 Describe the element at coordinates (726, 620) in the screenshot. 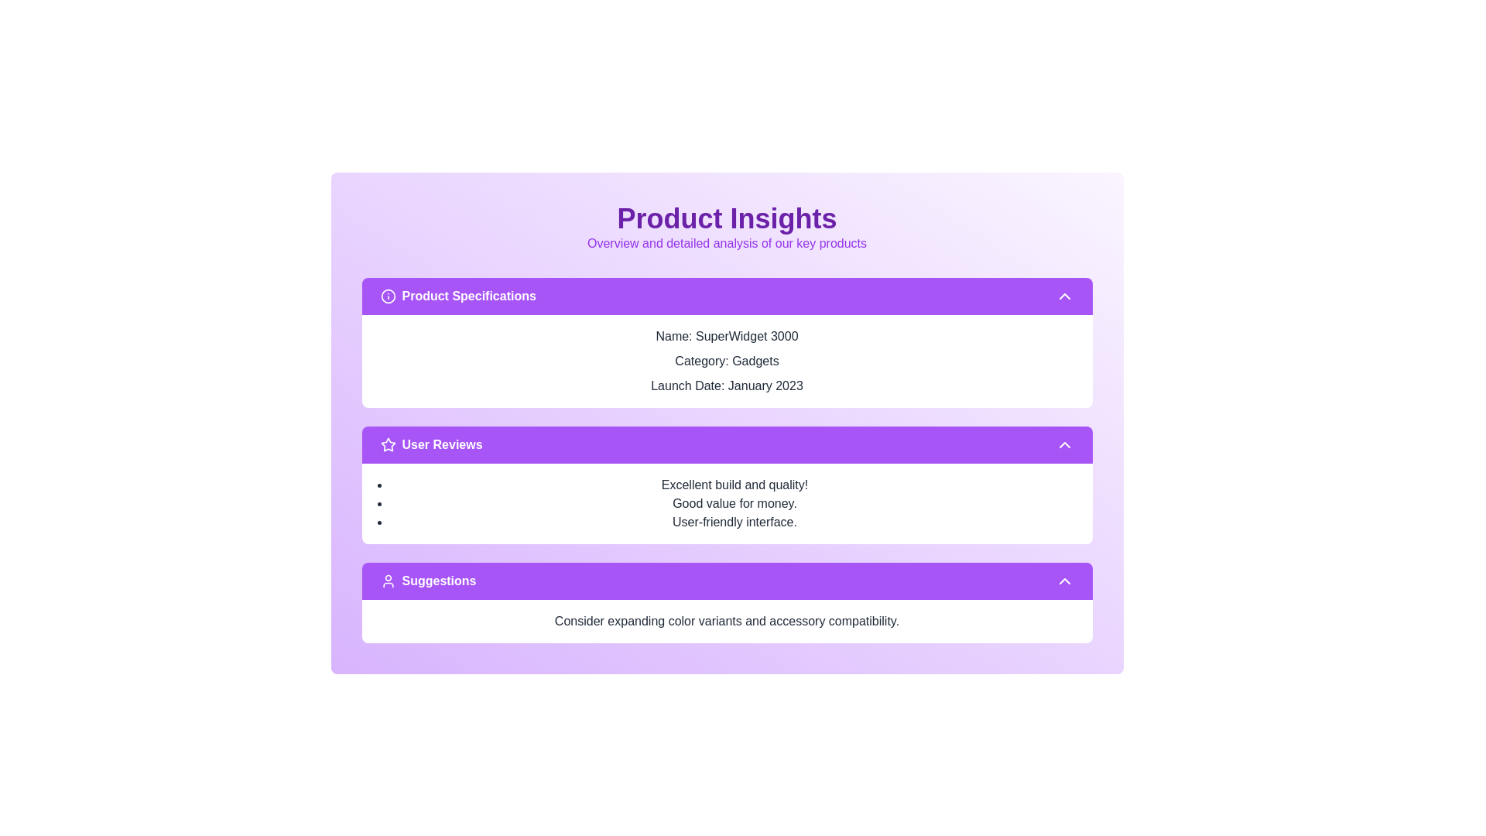

I see `informational text located in the 'Suggestions' section, which provides advice related to the subject matter of the interface` at that location.